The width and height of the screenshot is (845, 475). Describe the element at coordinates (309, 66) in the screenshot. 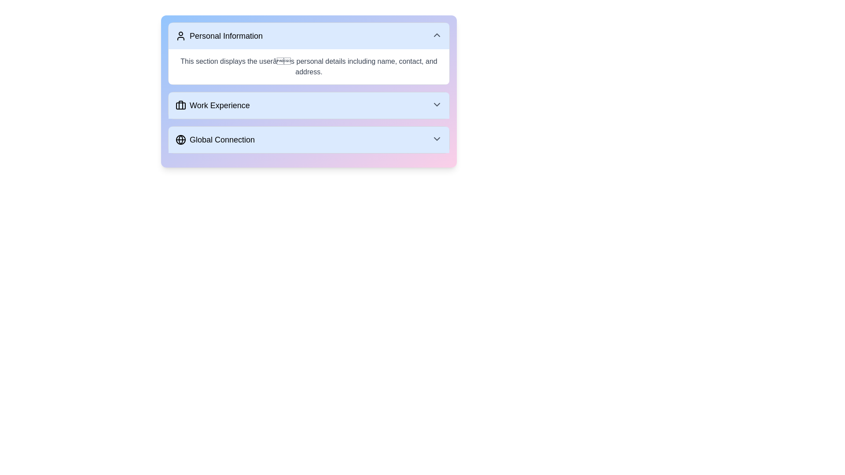

I see `the Informative Section containing the descriptive text about the user’s personal details, which has a white background and rounded bottom corners` at that location.